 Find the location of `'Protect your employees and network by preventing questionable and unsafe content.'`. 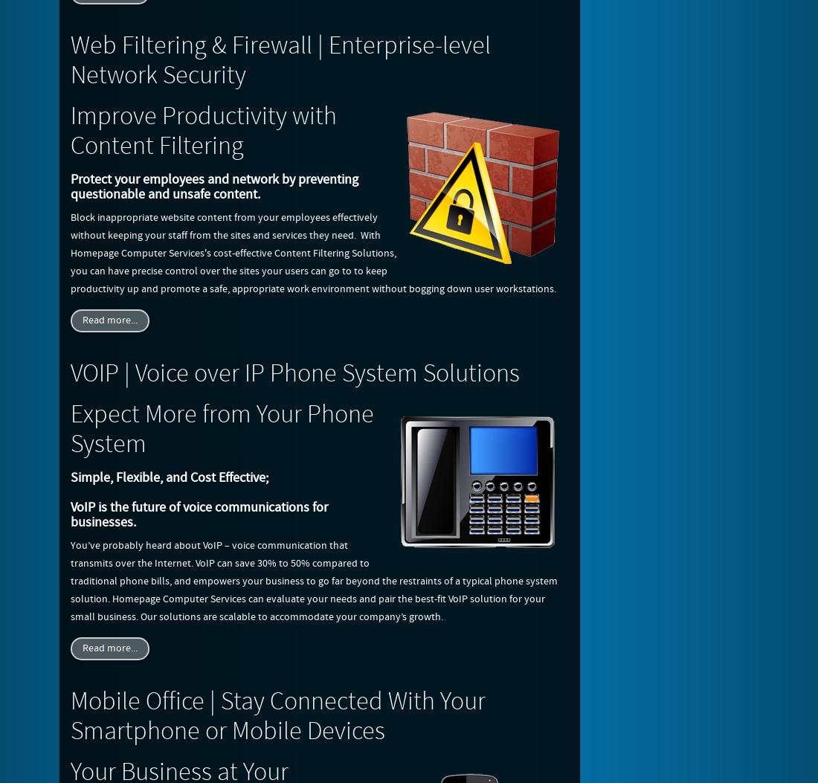

'Protect your employees and network by preventing questionable and unsafe content.' is located at coordinates (71, 186).